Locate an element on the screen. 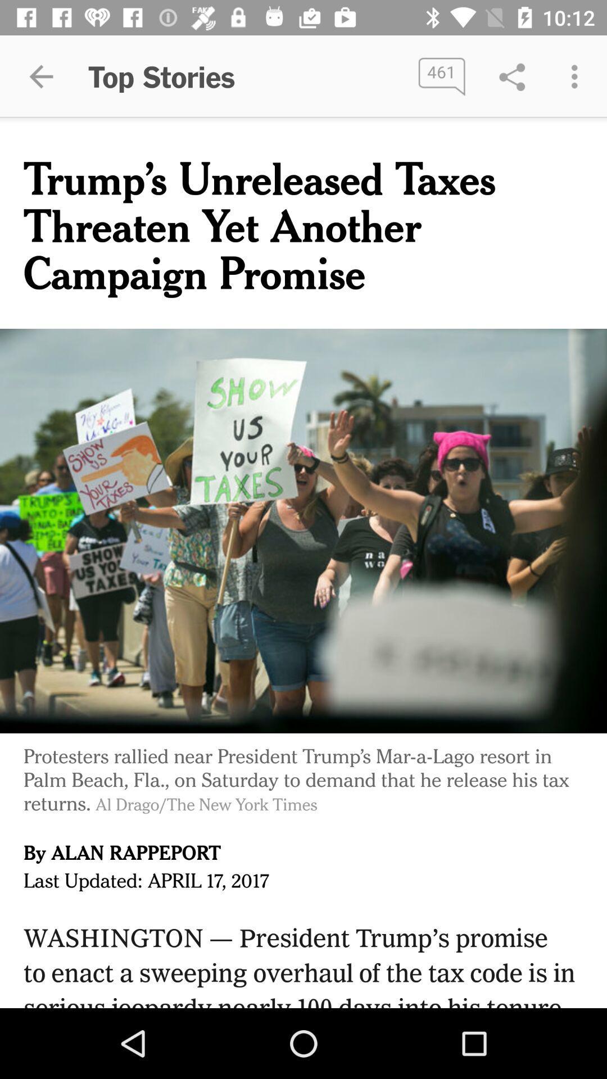  the item next to top stories app is located at coordinates (441, 76).